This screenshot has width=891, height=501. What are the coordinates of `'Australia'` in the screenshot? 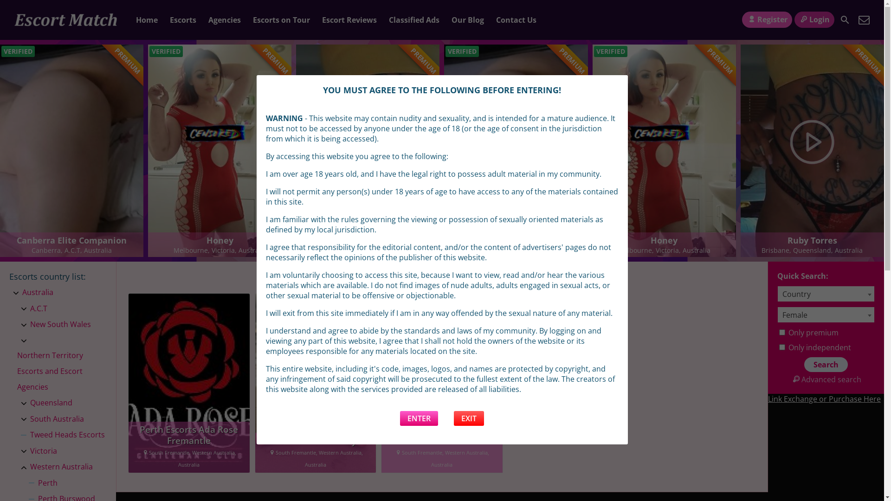 It's located at (37, 293).